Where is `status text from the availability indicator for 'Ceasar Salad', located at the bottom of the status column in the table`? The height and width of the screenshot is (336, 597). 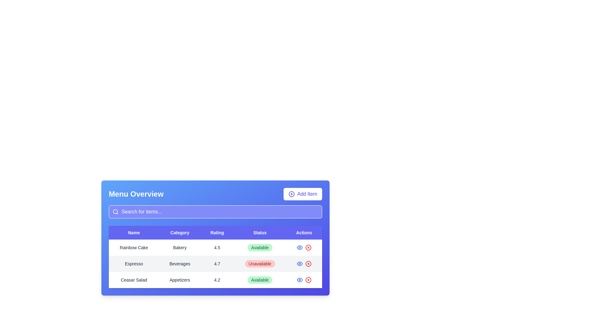 status text from the availability indicator for 'Ceasar Salad', located at the bottom of the status column in the table is located at coordinates (260, 279).